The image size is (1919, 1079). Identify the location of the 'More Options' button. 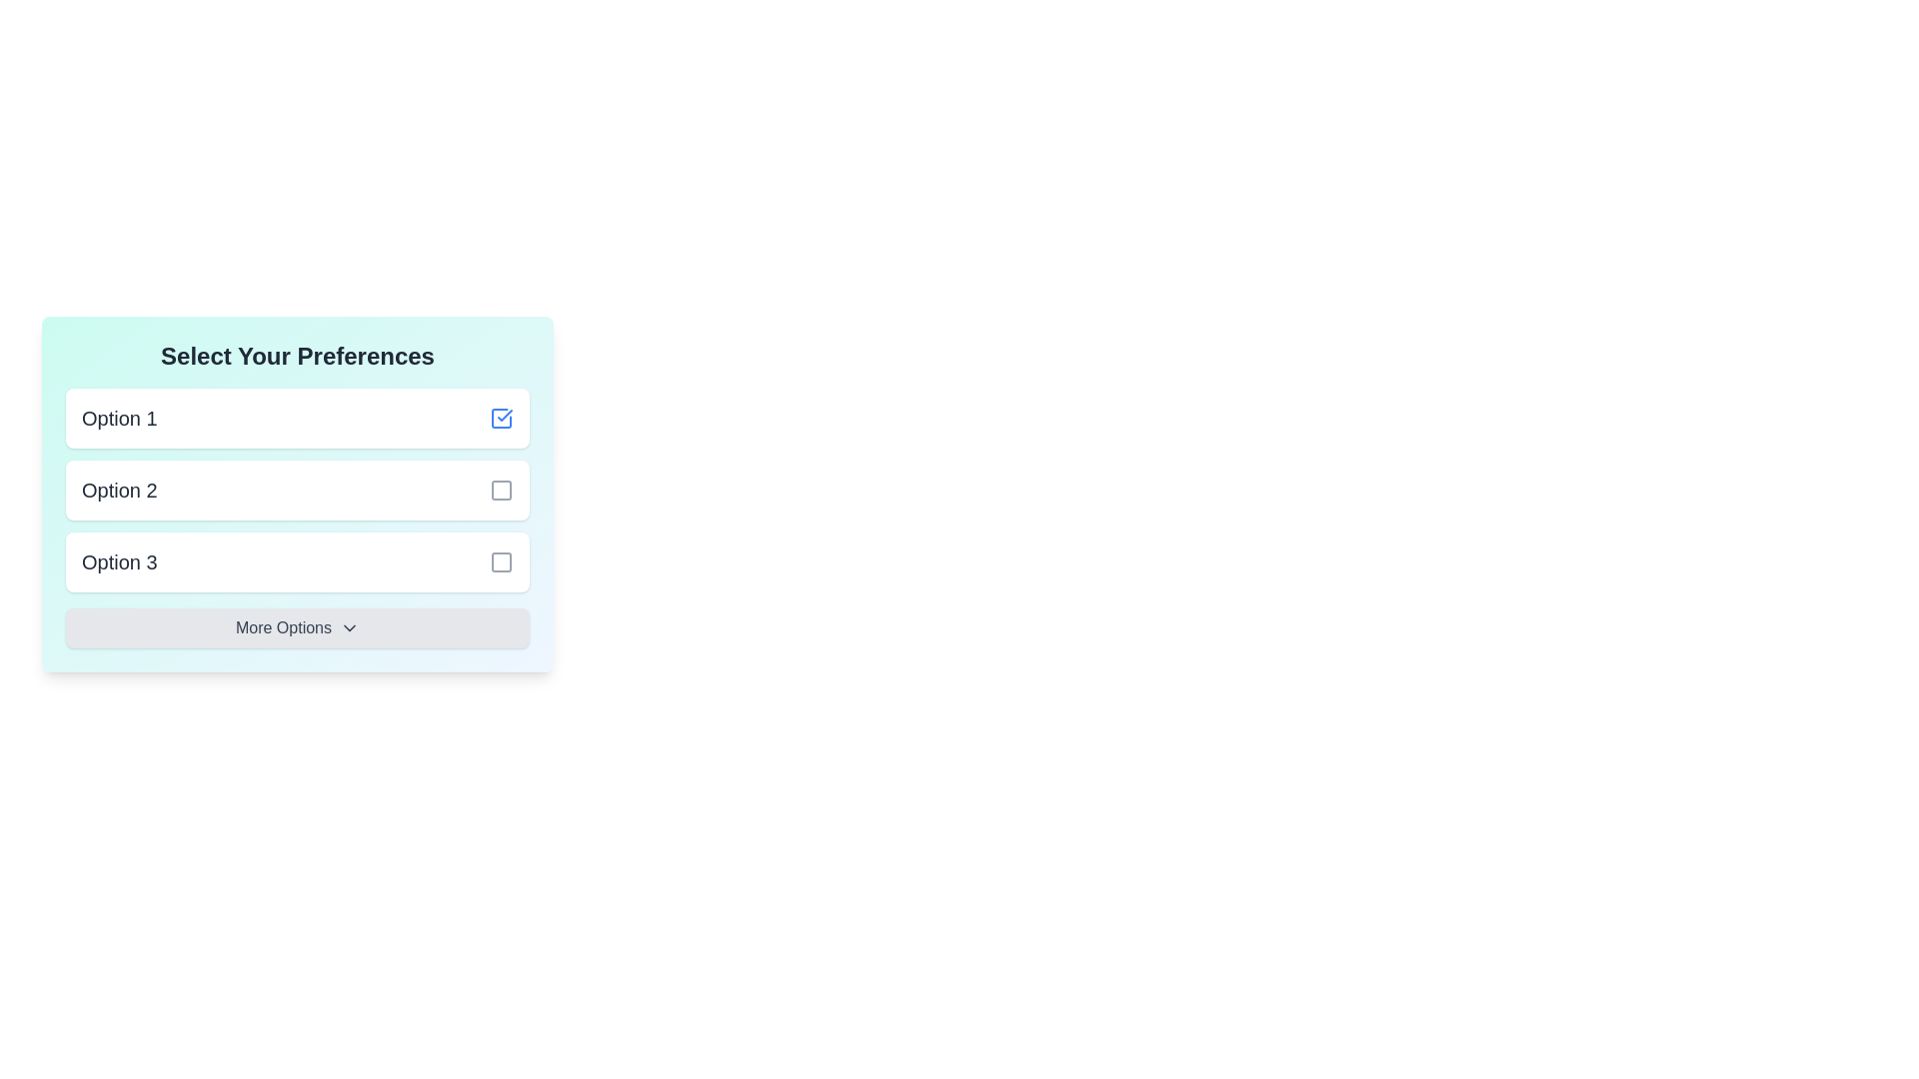
(296, 626).